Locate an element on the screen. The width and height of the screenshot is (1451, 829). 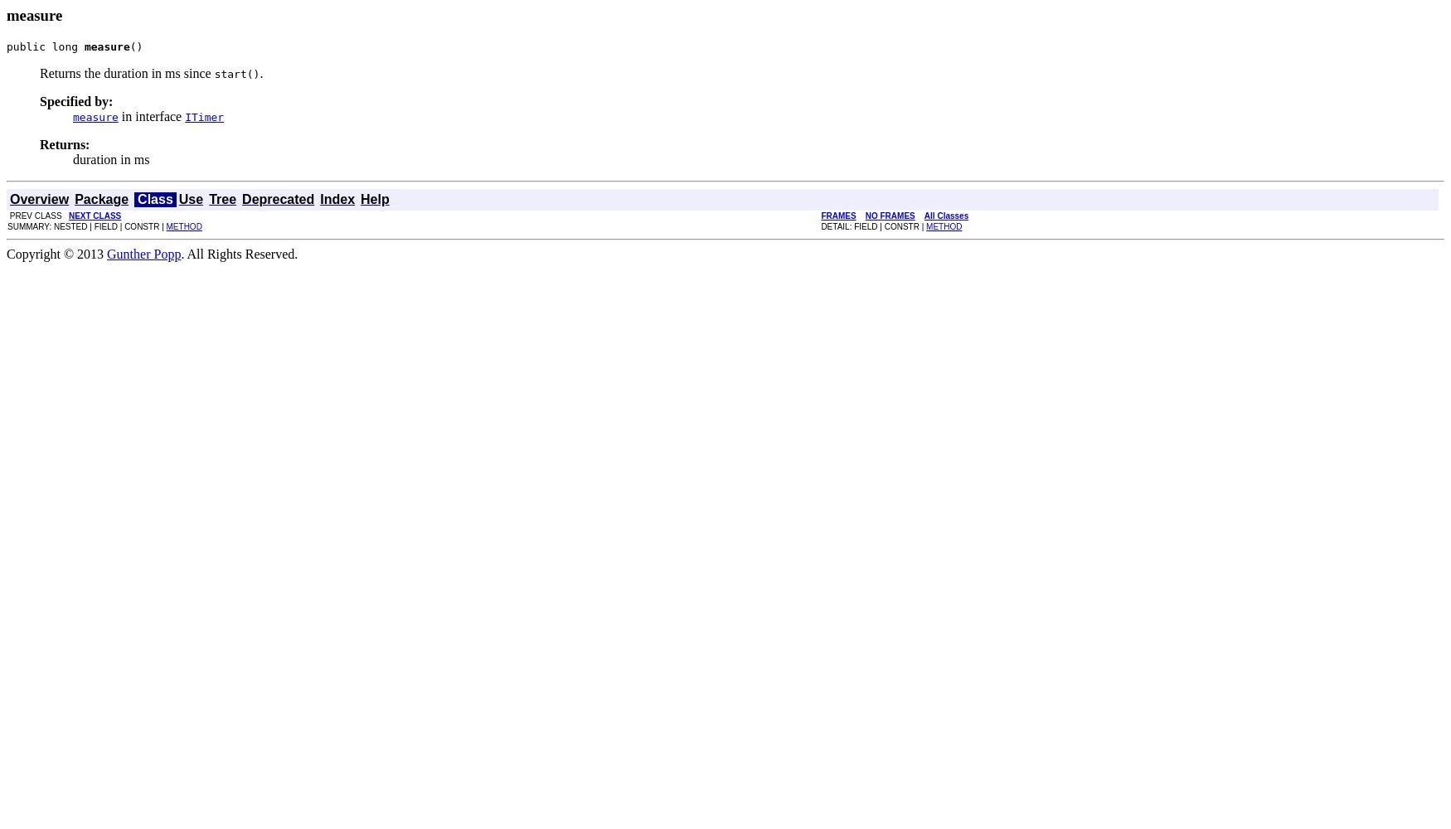
'Index' is located at coordinates (337, 197).